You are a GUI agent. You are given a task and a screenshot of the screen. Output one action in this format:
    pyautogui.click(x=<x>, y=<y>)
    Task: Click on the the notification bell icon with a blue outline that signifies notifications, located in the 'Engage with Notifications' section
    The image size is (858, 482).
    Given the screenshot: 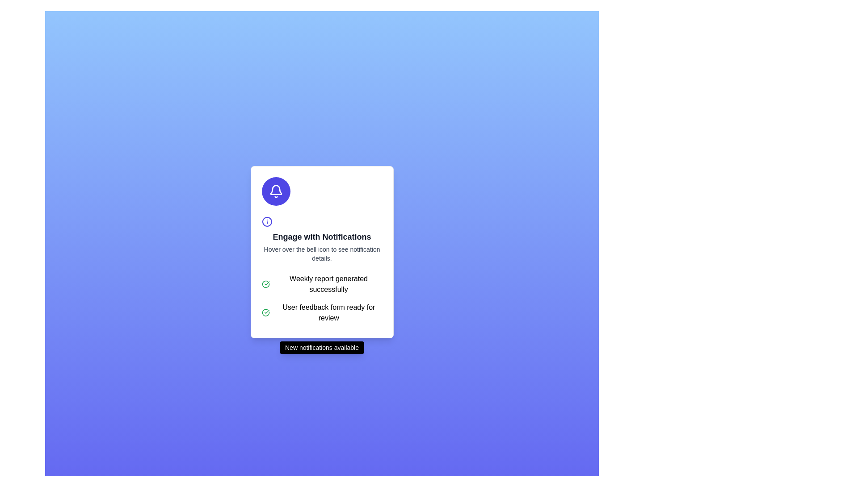 What is the action you would take?
    pyautogui.click(x=275, y=189)
    